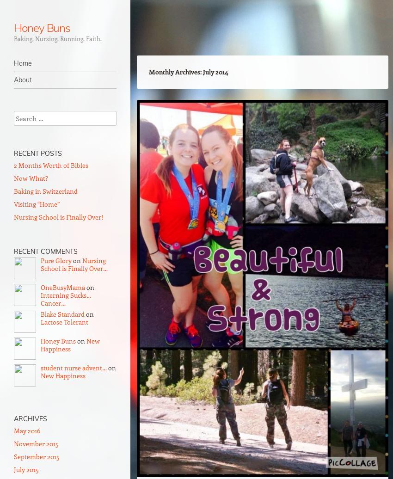 Image resolution: width=393 pixels, height=479 pixels. What do you see at coordinates (50, 165) in the screenshot?
I see `'2 Months Worth of Bibles'` at bounding box center [50, 165].